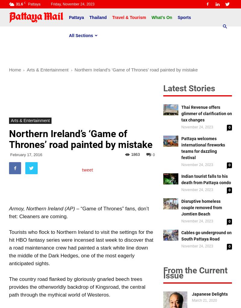 This screenshot has width=241, height=308. What do you see at coordinates (42, 208) in the screenshot?
I see `'Armoy, Northern Ireland (AP)'` at bounding box center [42, 208].